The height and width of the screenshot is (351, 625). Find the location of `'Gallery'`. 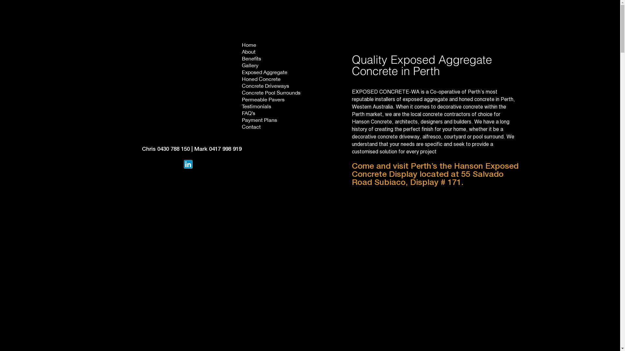

'Gallery' is located at coordinates (271, 66).